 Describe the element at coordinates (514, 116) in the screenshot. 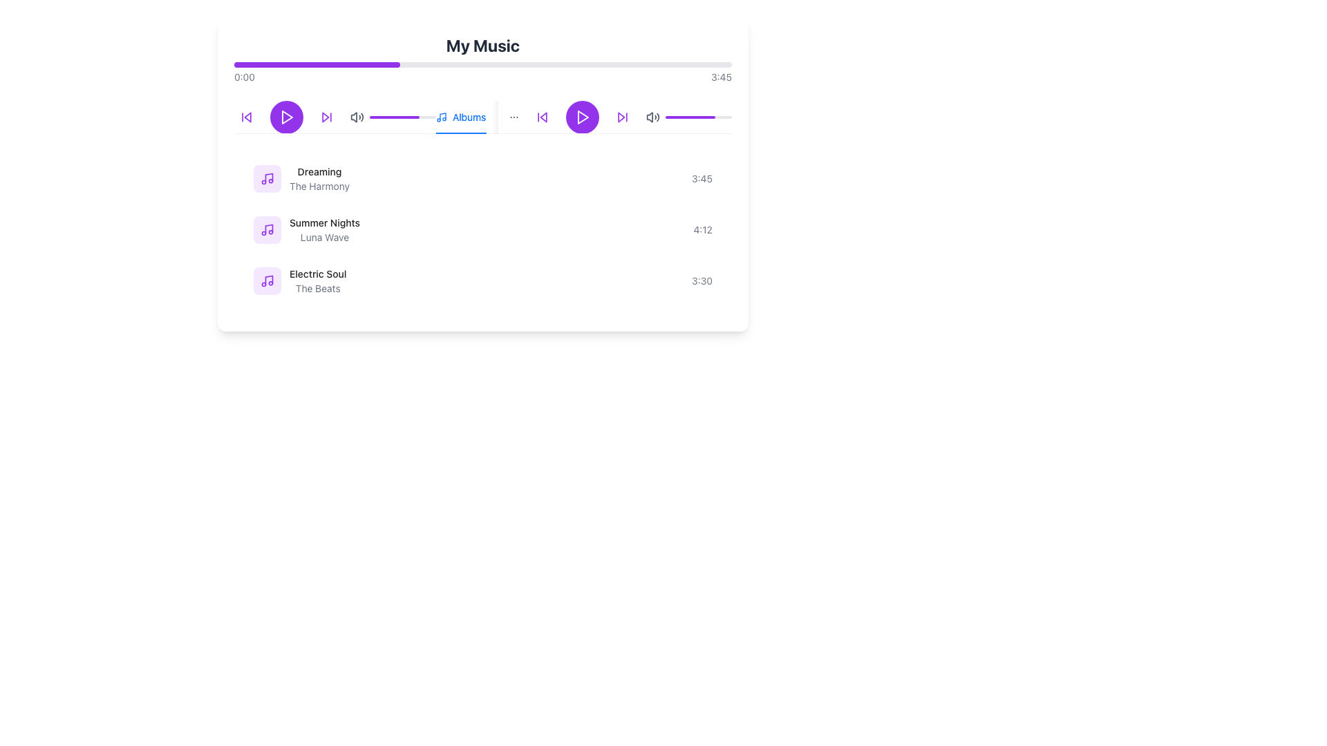

I see `the 'more options' button represented by three vertically aligned dots (ellipsis) located at the rightmost side of the horizontal navigation bar under the music player interface` at that location.